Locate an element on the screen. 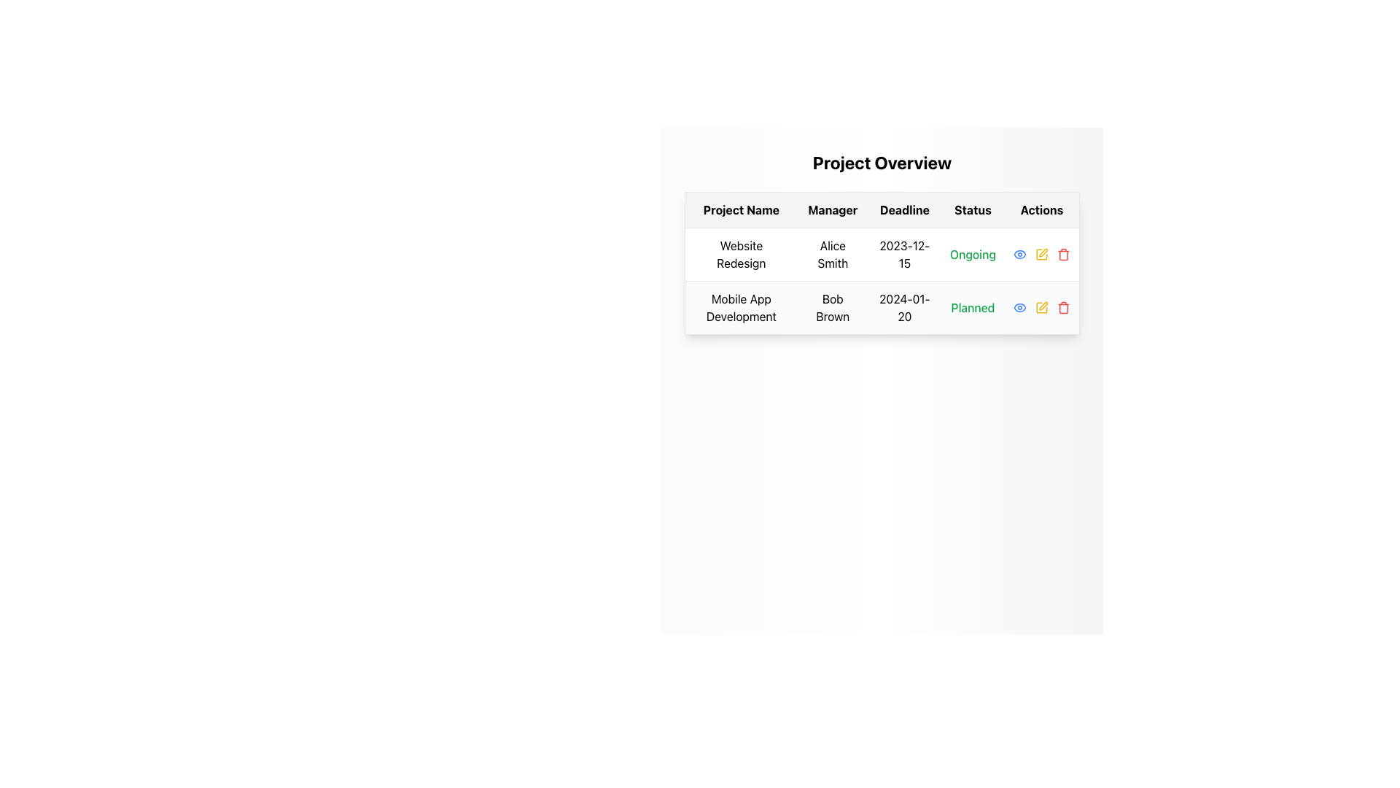 The height and width of the screenshot is (788, 1400). the column header labeled 'Deadlines' in the table, which is the third column from the left, positioned between 'Manager' and 'Status' is located at coordinates (903, 210).